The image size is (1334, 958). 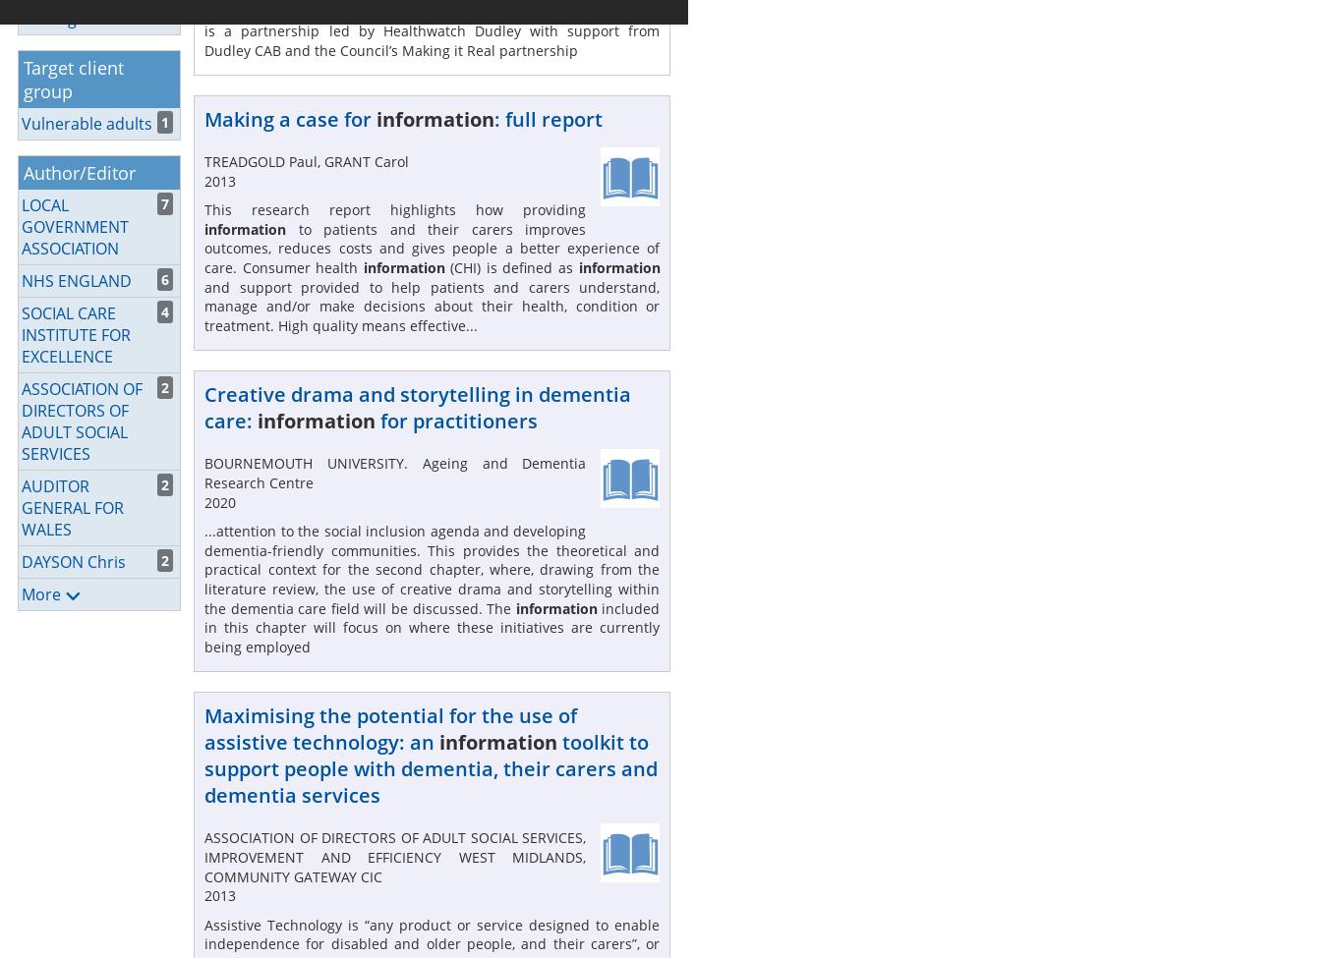 What do you see at coordinates (431, 305) in the screenshot?
I see `'and support provided to help patients and carers understand, manage and/or make decisions about their health, condition or treatment. High quality means effective...'` at bounding box center [431, 305].